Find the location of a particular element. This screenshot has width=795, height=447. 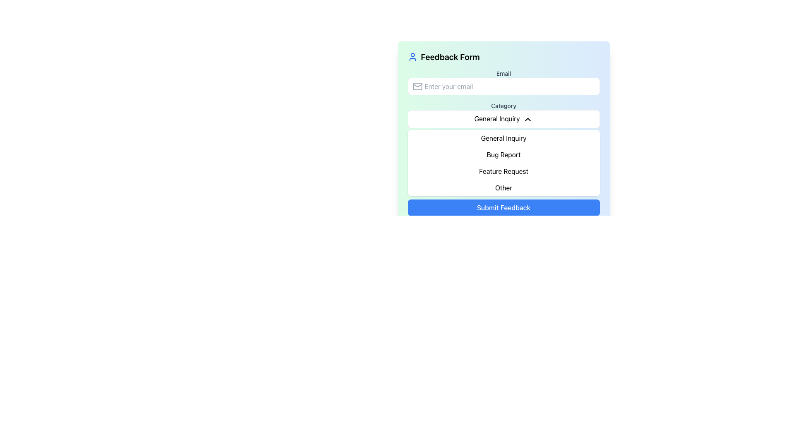

the envelope icon rendered in SVG format, which is styled with a thin, rounded stroke and located to the left of the email input field in the feedback form is located at coordinates (417, 86).